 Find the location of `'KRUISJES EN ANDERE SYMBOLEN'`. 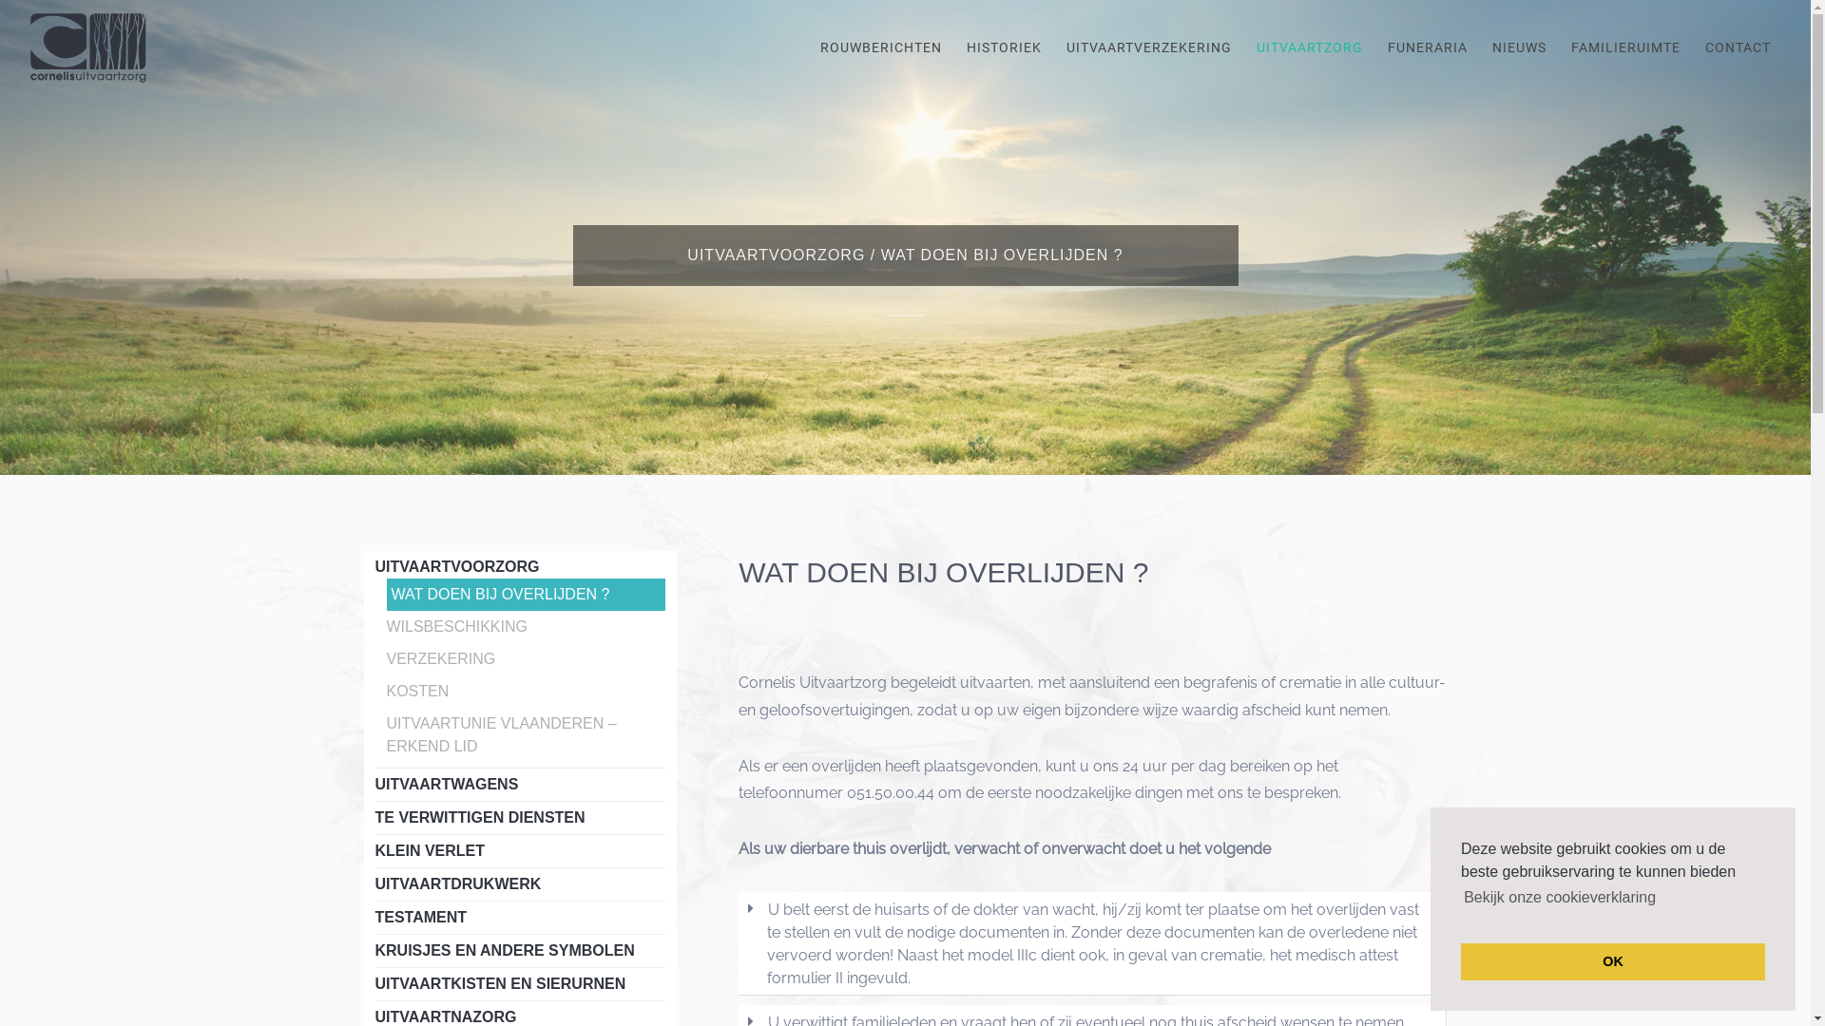

'KRUISJES EN ANDERE SYMBOLEN' is located at coordinates (504, 950).